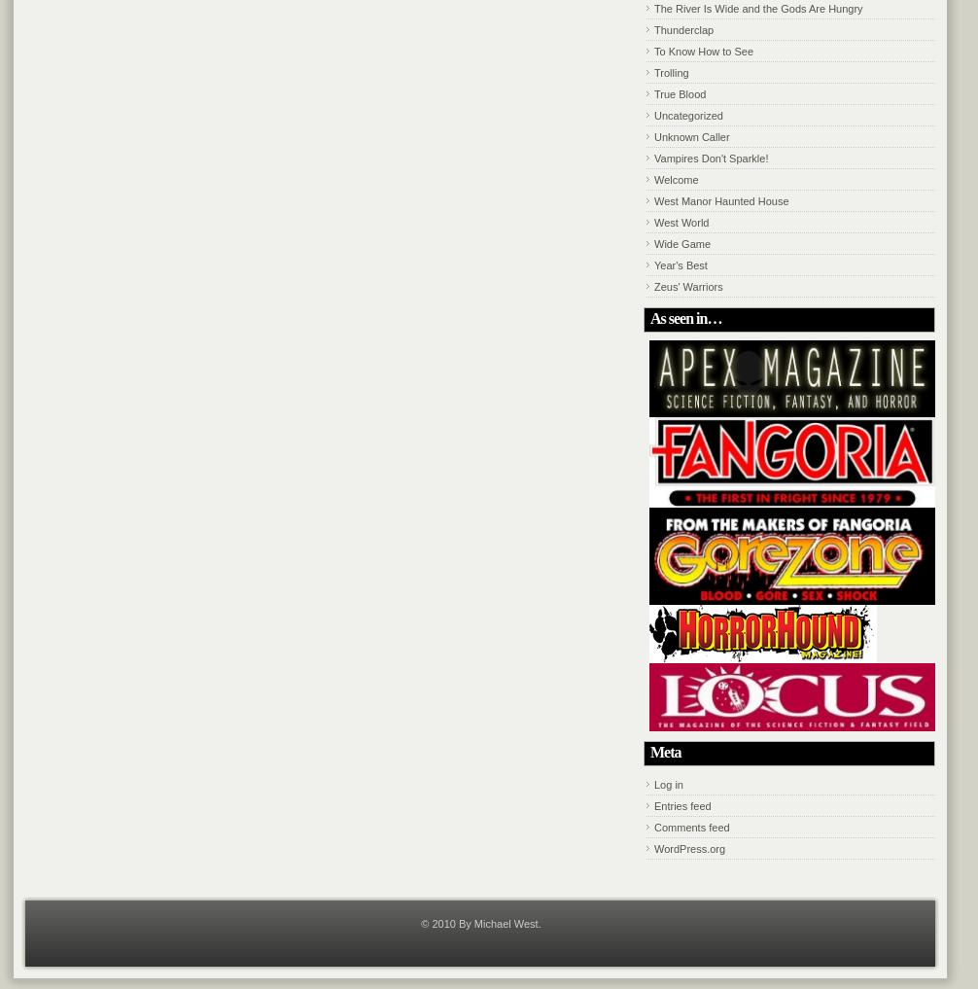 This screenshot has height=989, width=978. Describe the element at coordinates (497, 922) in the screenshot. I see `'By Michael West'` at that location.